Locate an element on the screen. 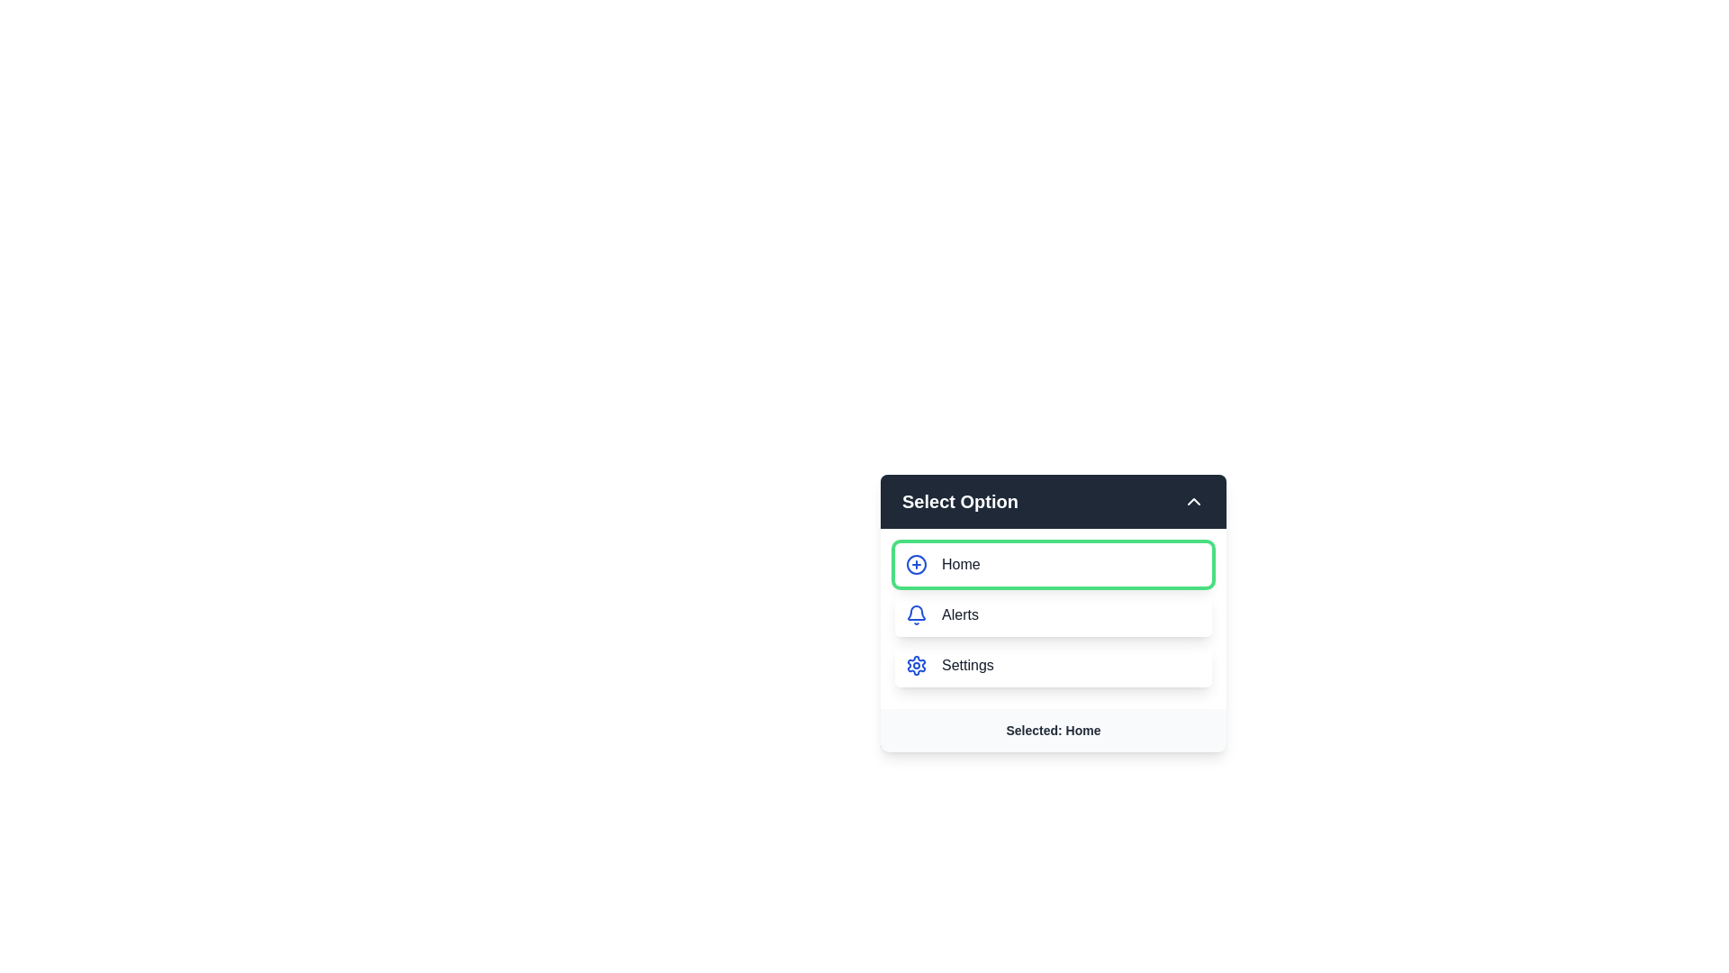 This screenshot has height=973, width=1729. text content of the 'Alerts' label which is styled with medium font weight and gray-black color, located inside the second item of a vertically aligned menu list is located at coordinates (959, 614).